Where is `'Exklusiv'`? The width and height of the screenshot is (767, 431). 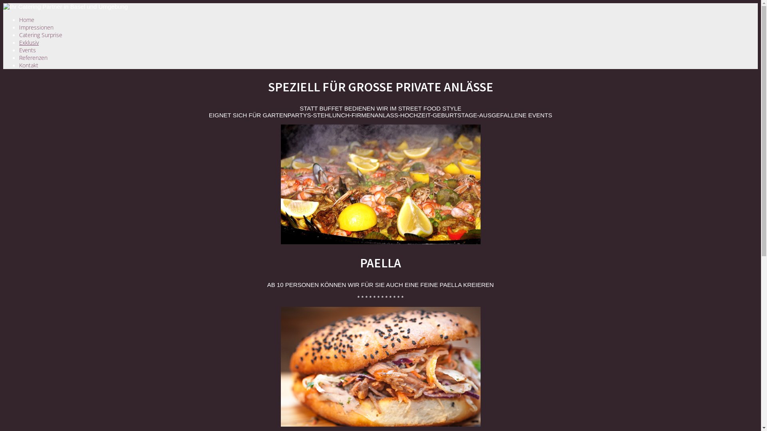 'Exklusiv' is located at coordinates (29, 42).